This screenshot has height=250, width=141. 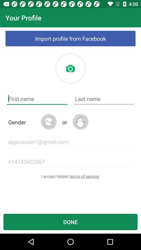 I want to click on the done icon, so click(x=70, y=222).